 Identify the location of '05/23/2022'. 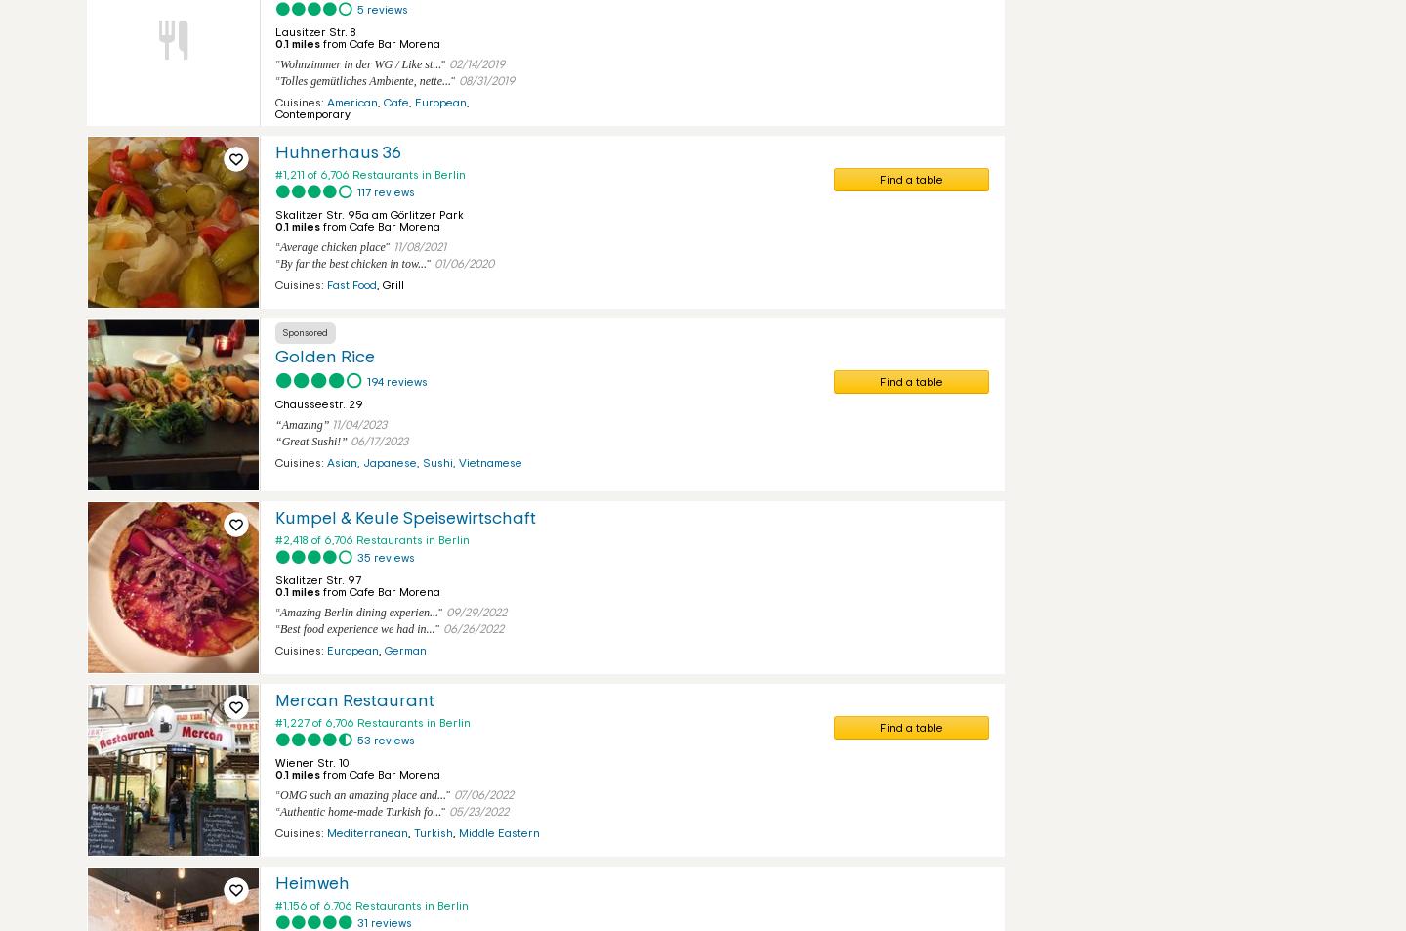
(477, 812).